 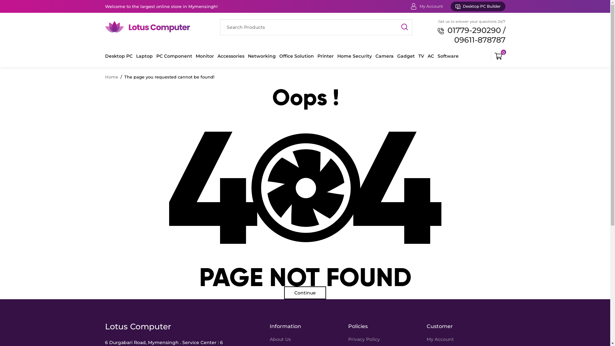 What do you see at coordinates (364, 339) in the screenshot?
I see `'Privacy Policy'` at bounding box center [364, 339].